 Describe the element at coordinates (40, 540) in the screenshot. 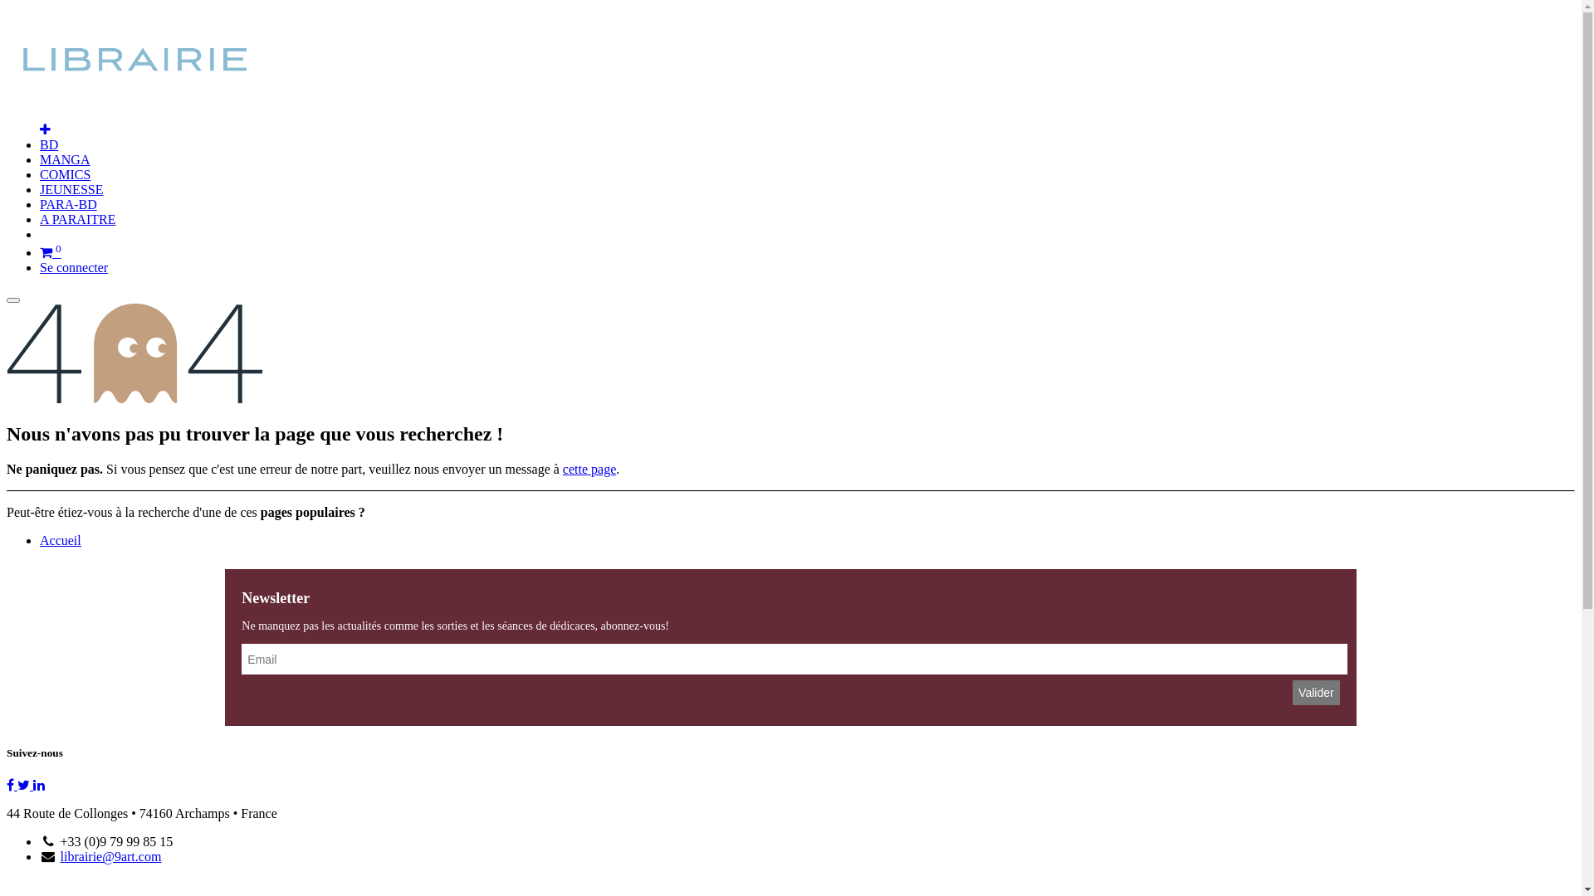

I see `'Accueil'` at that location.